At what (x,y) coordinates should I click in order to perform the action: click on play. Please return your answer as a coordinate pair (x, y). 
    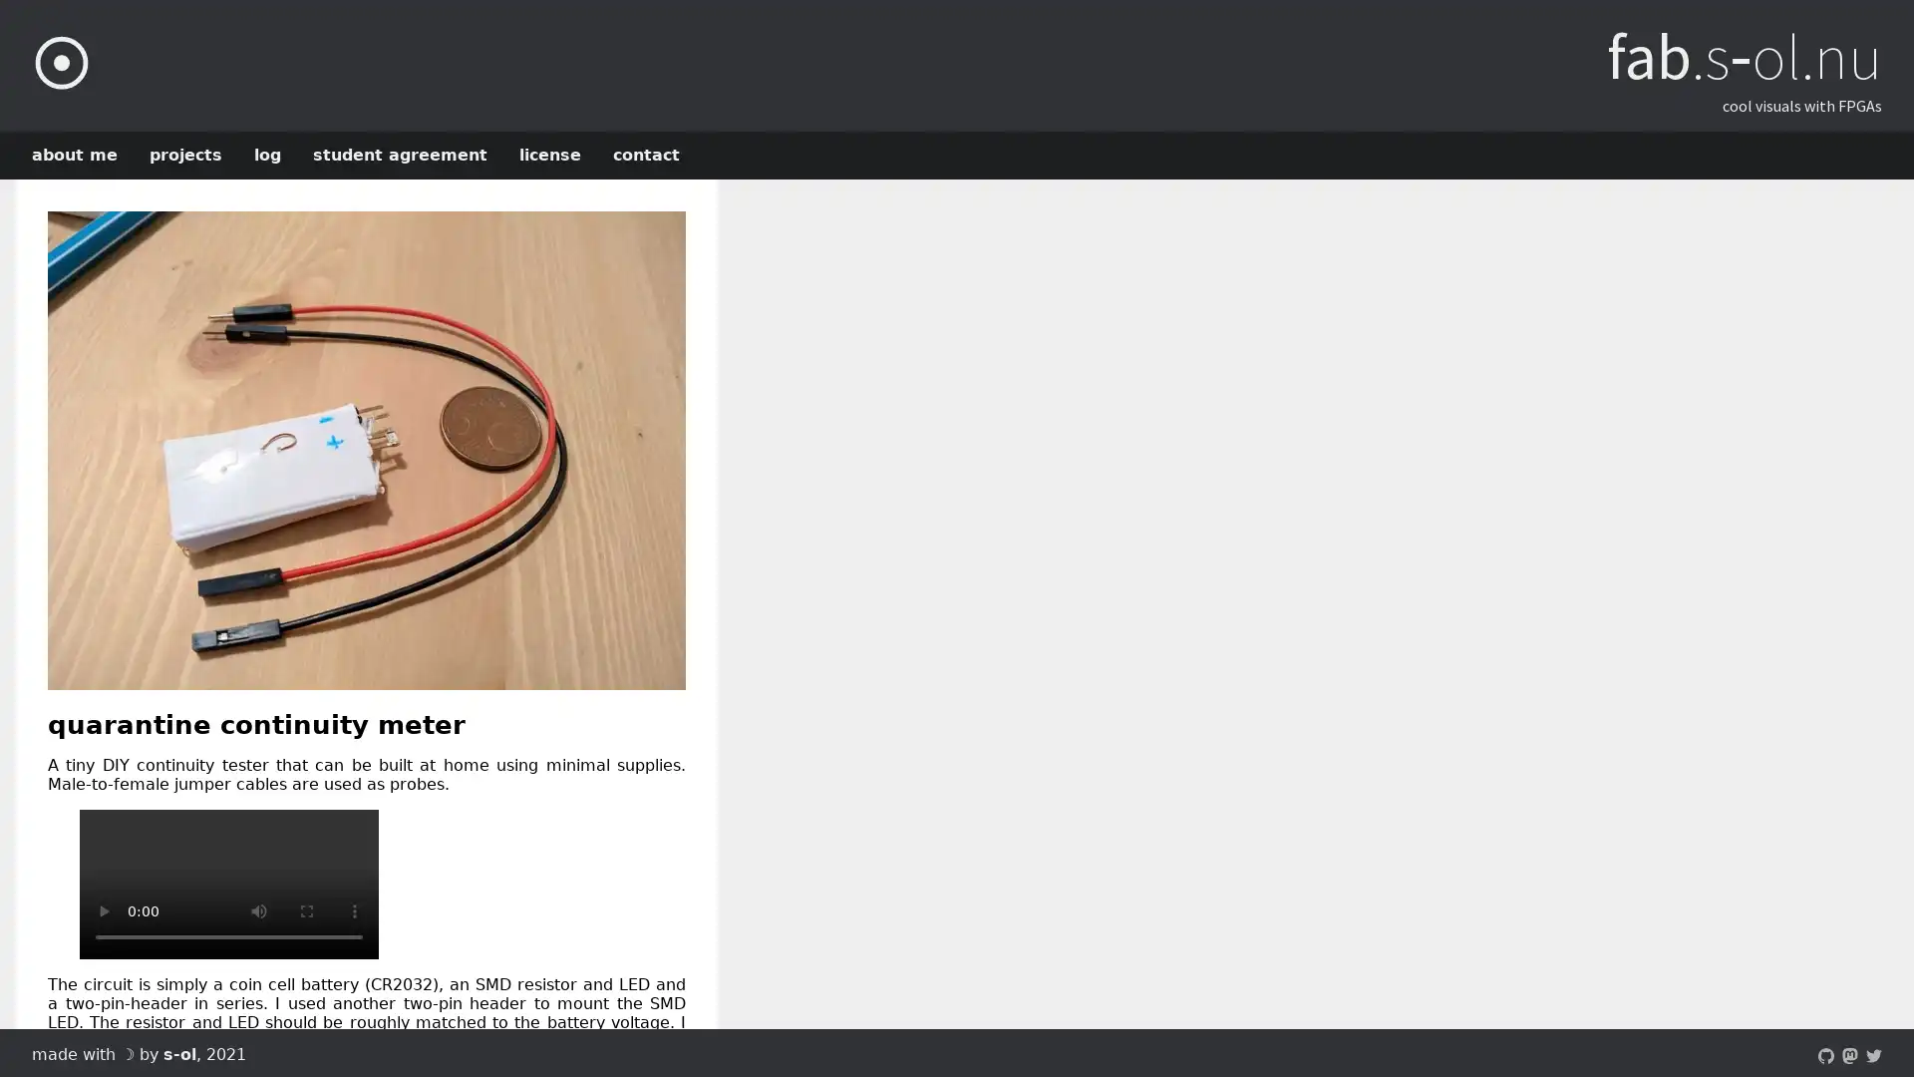
    Looking at the image, I should click on (103, 911).